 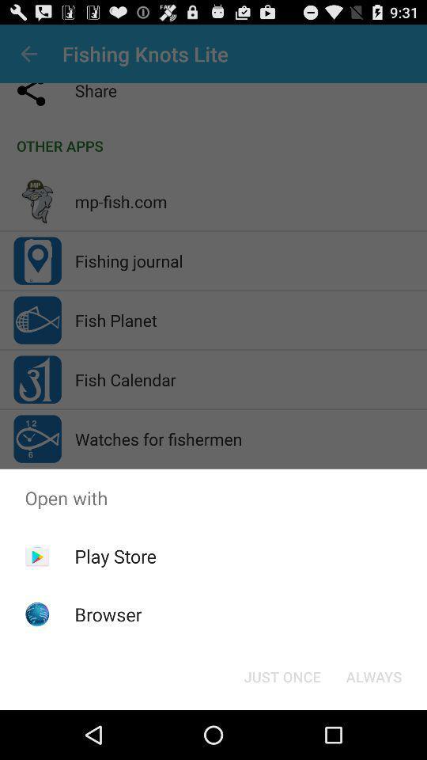 I want to click on button next to the just once button, so click(x=373, y=675).